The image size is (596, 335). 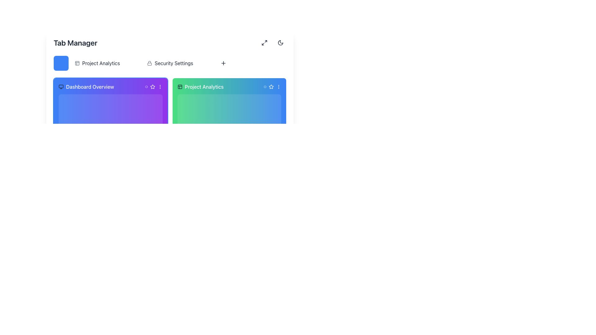 What do you see at coordinates (86, 87) in the screenshot?
I see `the associated icon of the Text Label with Icon that contains the monitor icon and the text 'Dashboard Overview' in the header of the first card below the 'Tab Manager' section` at bounding box center [86, 87].